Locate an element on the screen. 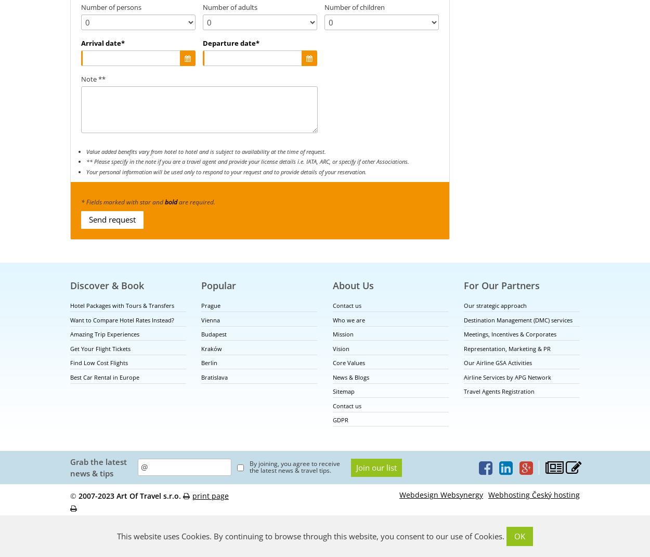  'Airline Services by APG Network' is located at coordinates (506, 377).